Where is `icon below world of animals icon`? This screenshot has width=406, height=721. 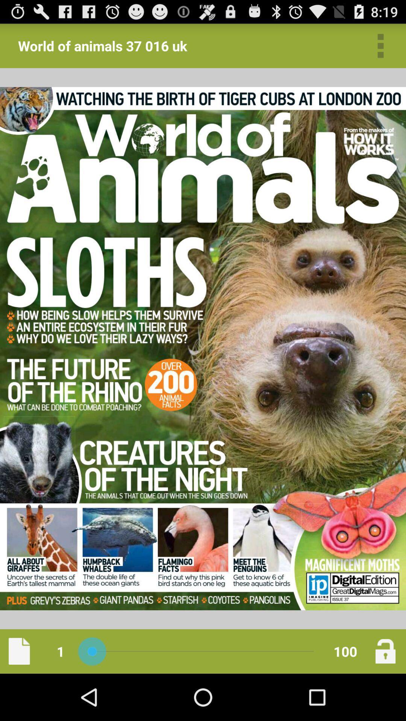 icon below world of animals icon is located at coordinates (19, 651).